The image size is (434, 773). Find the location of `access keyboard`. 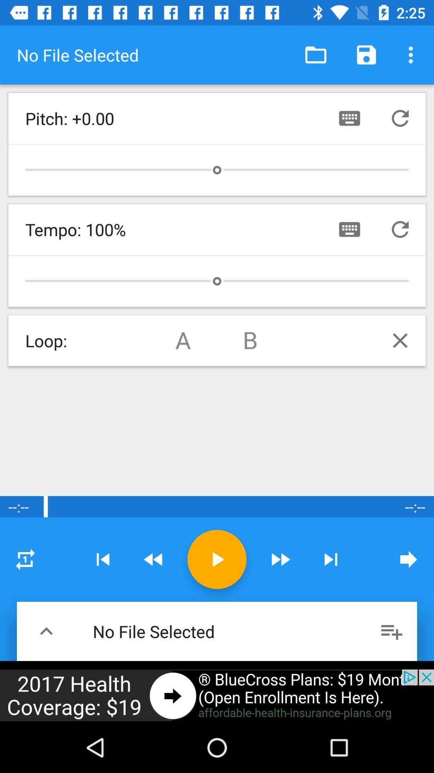

access keyboard is located at coordinates (349, 229).